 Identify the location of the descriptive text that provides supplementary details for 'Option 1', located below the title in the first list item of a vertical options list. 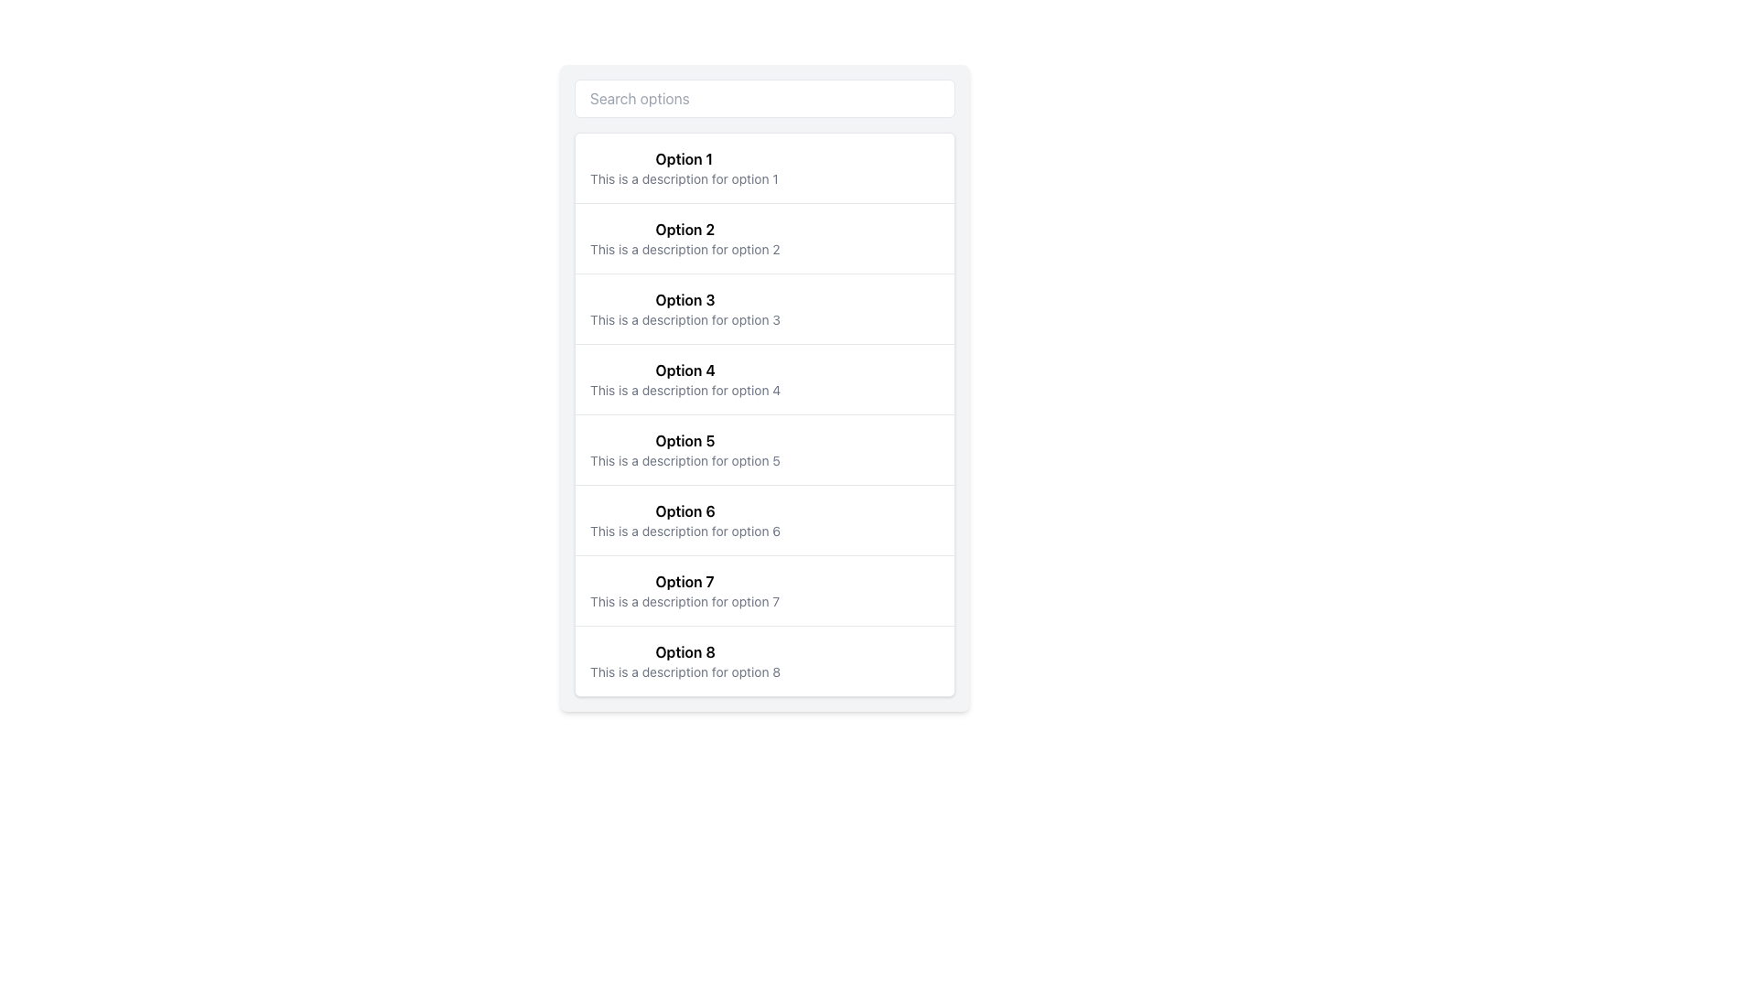
(683, 179).